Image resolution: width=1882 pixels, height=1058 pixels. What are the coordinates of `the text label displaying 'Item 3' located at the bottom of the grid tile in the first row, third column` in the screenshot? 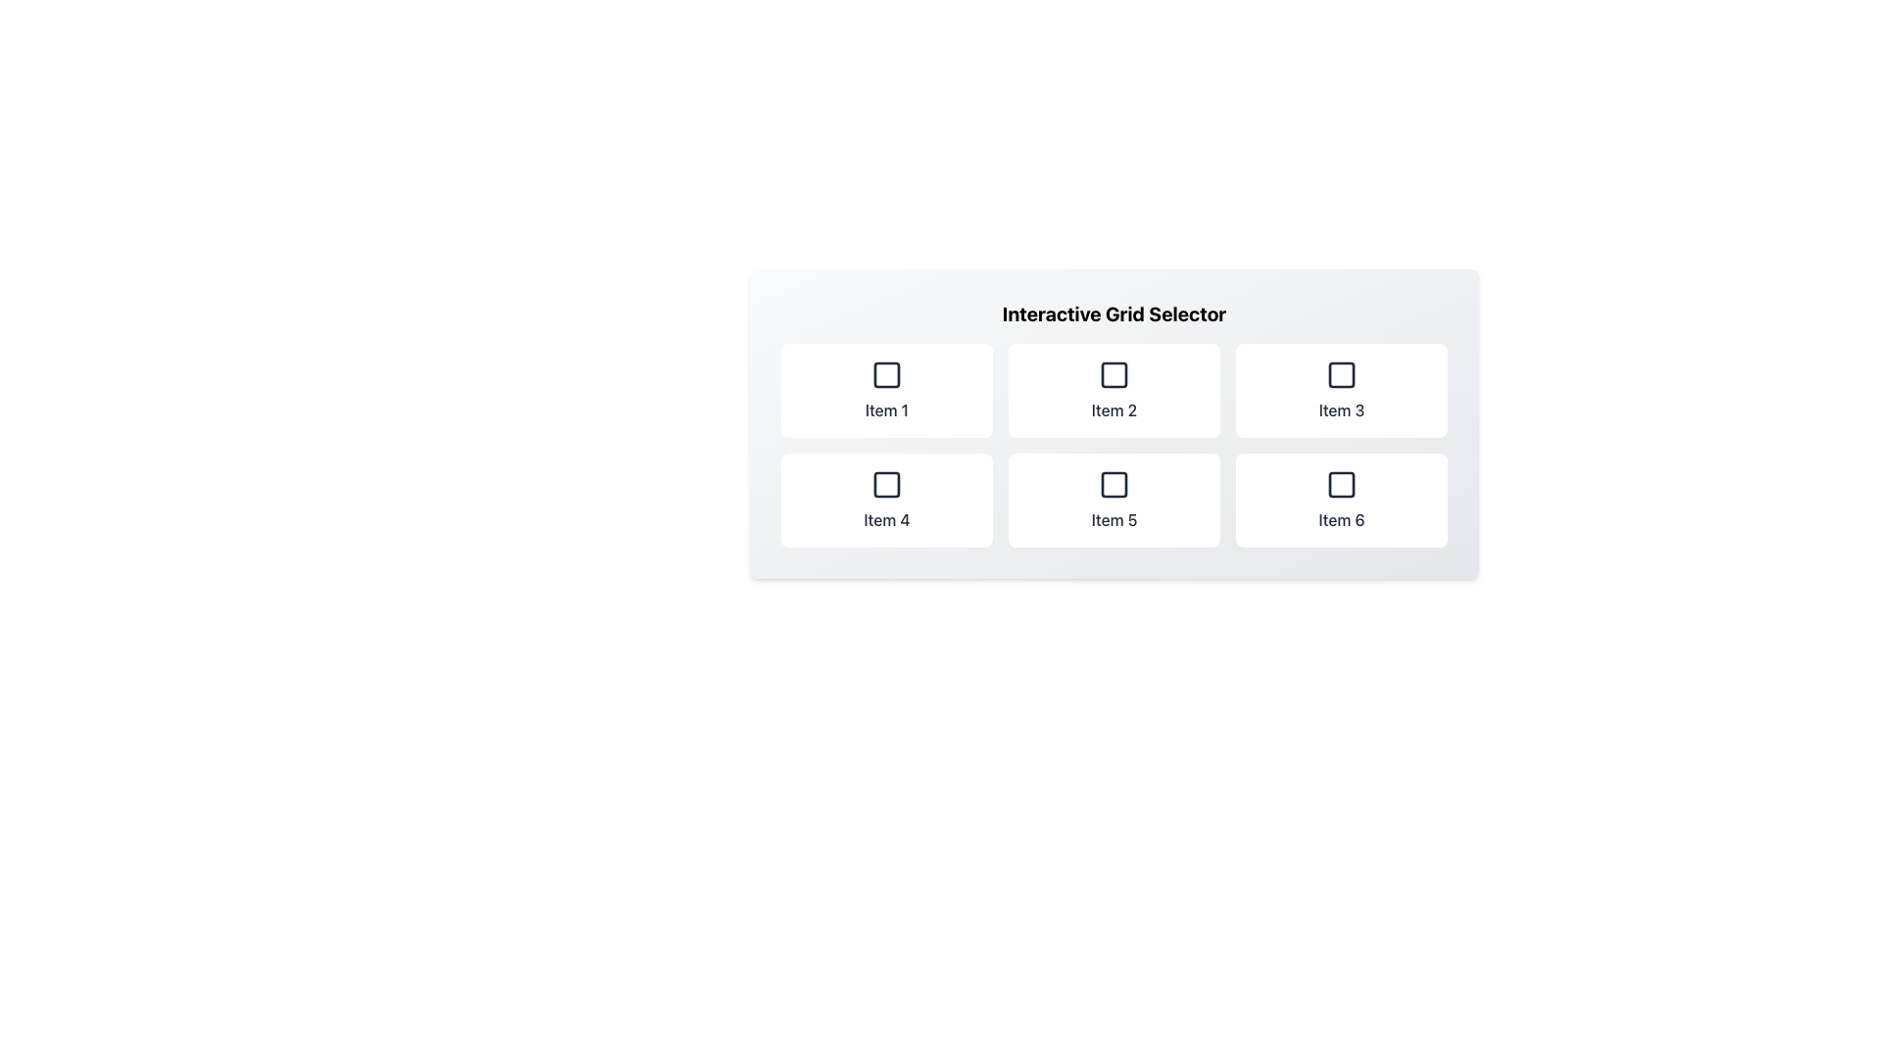 It's located at (1340, 409).